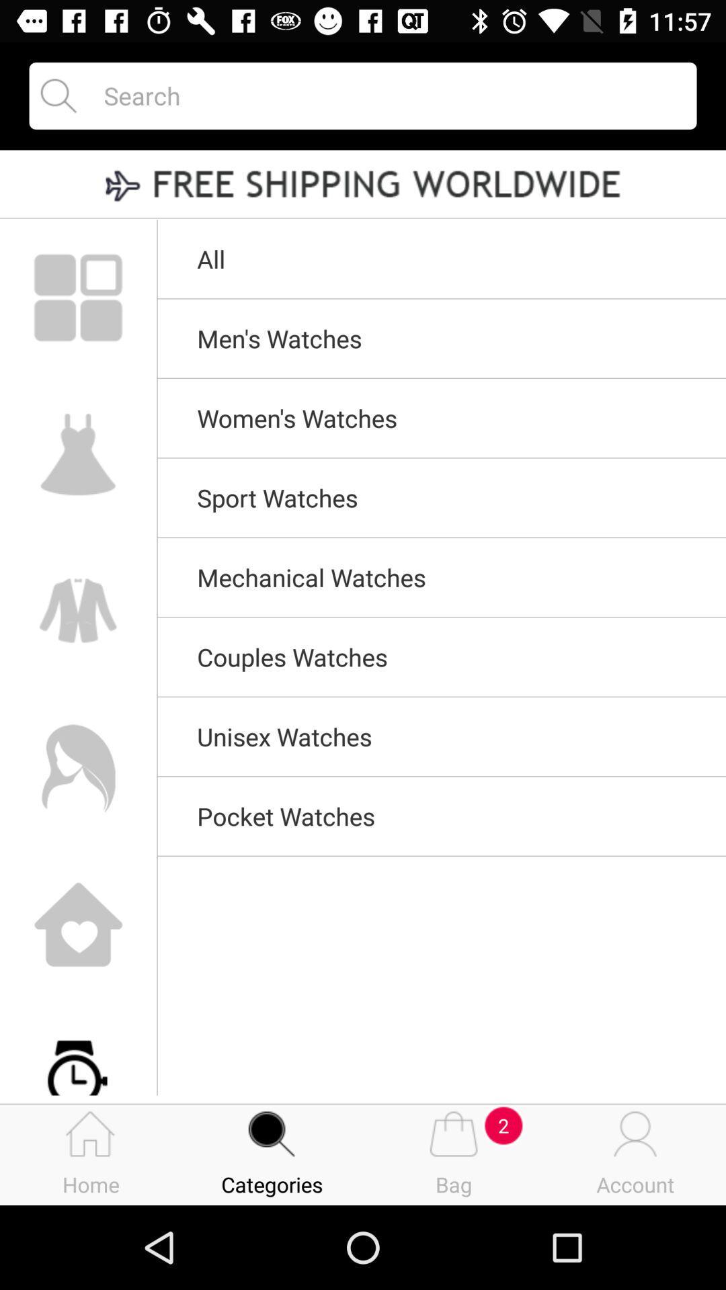 This screenshot has width=726, height=1290. Describe the element at coordinates (388, 95) in the screenshot. I see `search text box` at that location.